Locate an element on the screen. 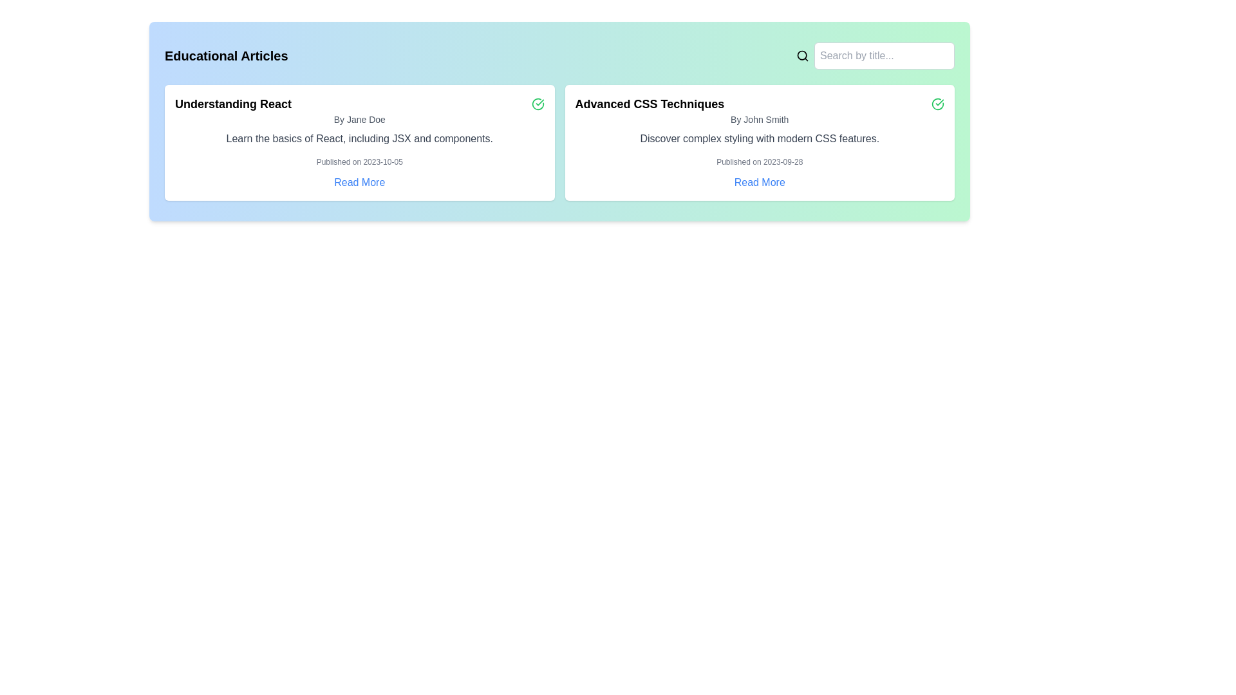 Image resolution: width=1236 pixels, height=695 pixels. the blue interactive text link labeled 'Read More' is located at coordinates (760, 183).